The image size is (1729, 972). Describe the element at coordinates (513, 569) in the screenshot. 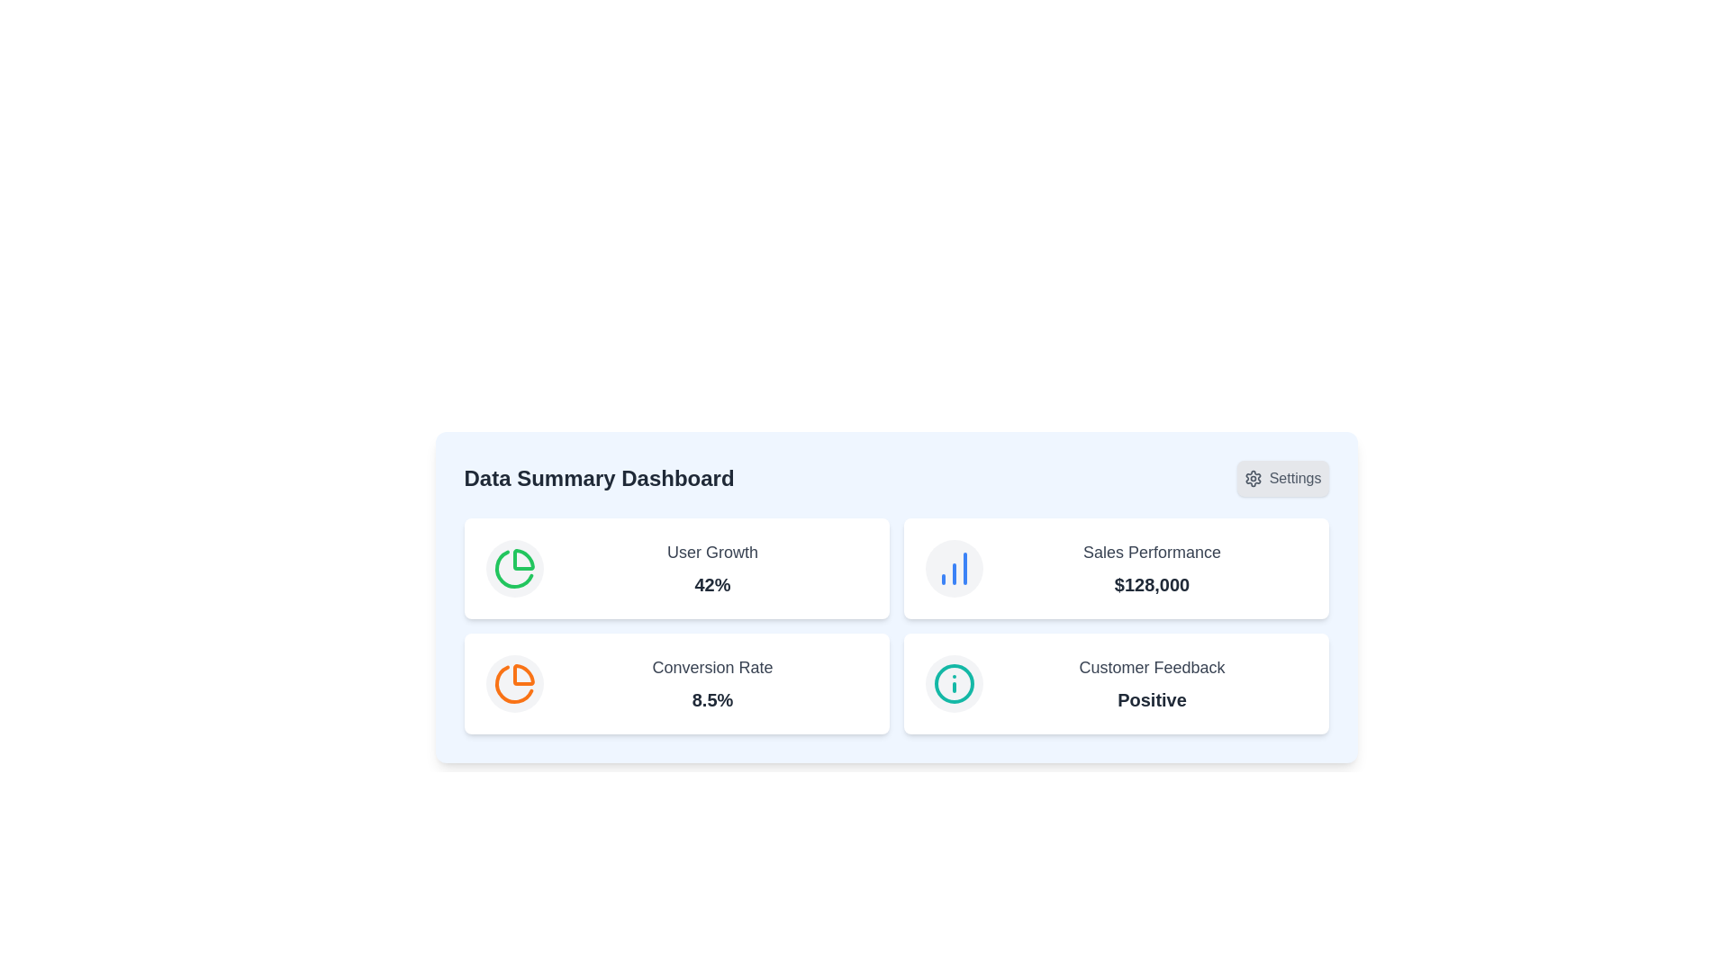

I see `the pie chart icon located in the top-left card of the four smaller white rectangular cards on the main dashboard, positioned below the 'Data Summary Dashboard' title and to the left of the 'User Growth' text` at that location.